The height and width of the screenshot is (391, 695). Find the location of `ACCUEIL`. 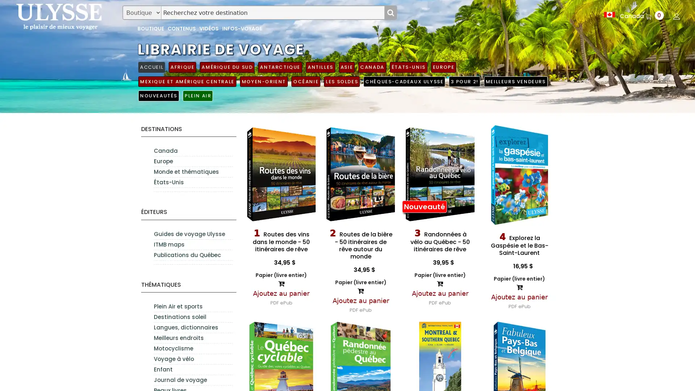

ACCUEIL is located at coordinates (151, 67).